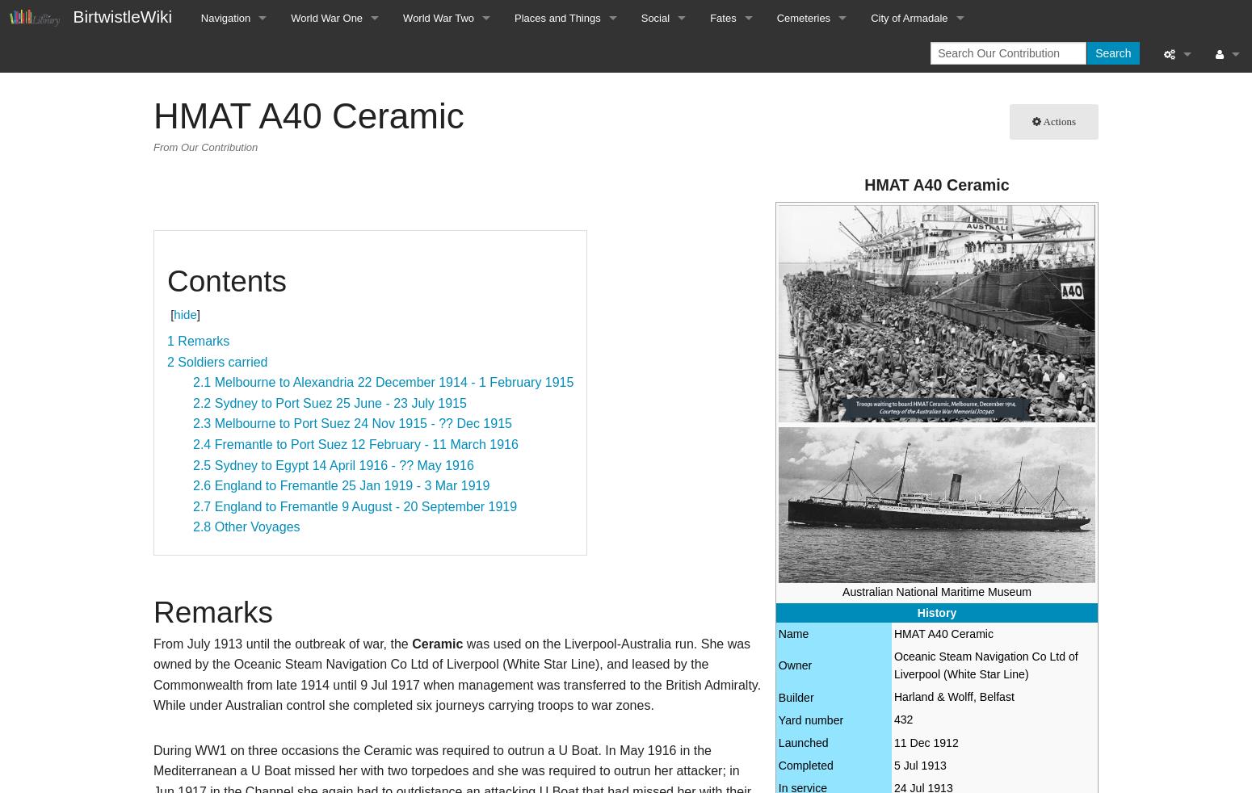  What do you see at coordinates (153, 643) in the screenshot?
I see `'From July 1913 until the outbreak of war, the'` at bounding box center [153, 643].